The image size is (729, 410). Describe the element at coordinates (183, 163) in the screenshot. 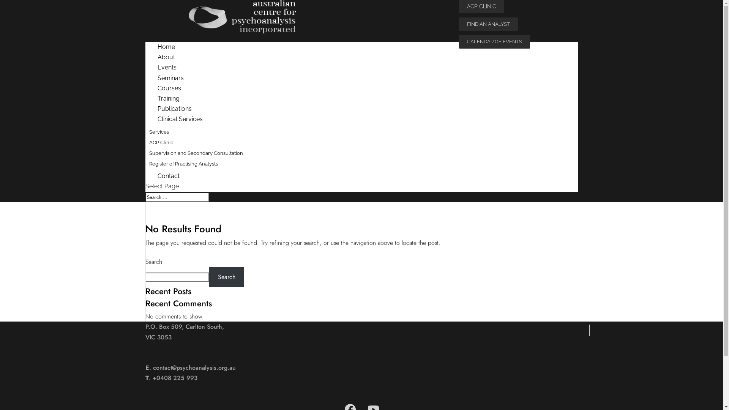

I see `'Register of Practising Analysts'` at that location.